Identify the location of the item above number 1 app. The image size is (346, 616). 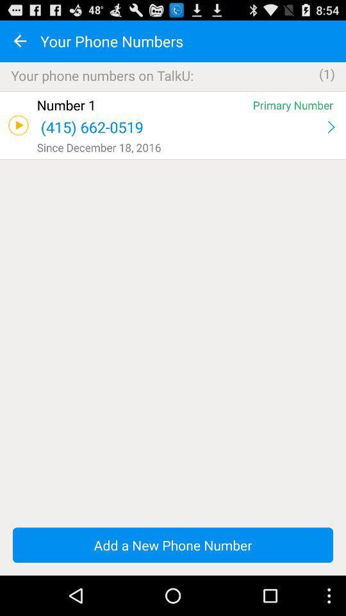
(173, 90).